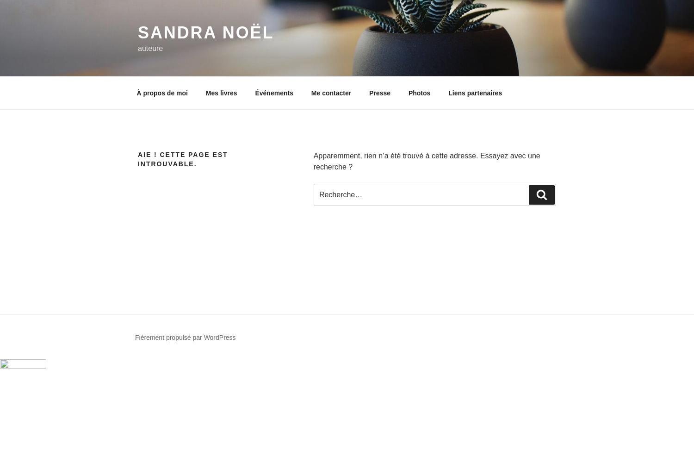 The height and width of the screenshot is (463, 694). Describe the element at coordinates (330, 92) in the screenshot. I see `'Me contacter'` at that location.